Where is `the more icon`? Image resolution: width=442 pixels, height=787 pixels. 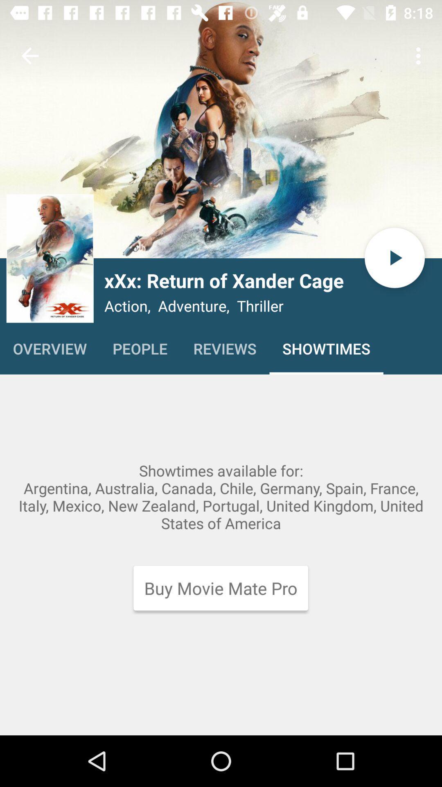
the more icon is located at coordinates (50, 258).